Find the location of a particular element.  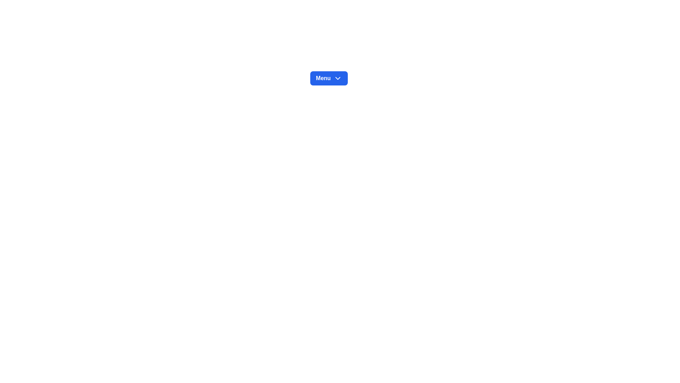

the chevron icon located to the far right of the blue rectangular button labeled 'Menu' is located at coordinates (337, 78).